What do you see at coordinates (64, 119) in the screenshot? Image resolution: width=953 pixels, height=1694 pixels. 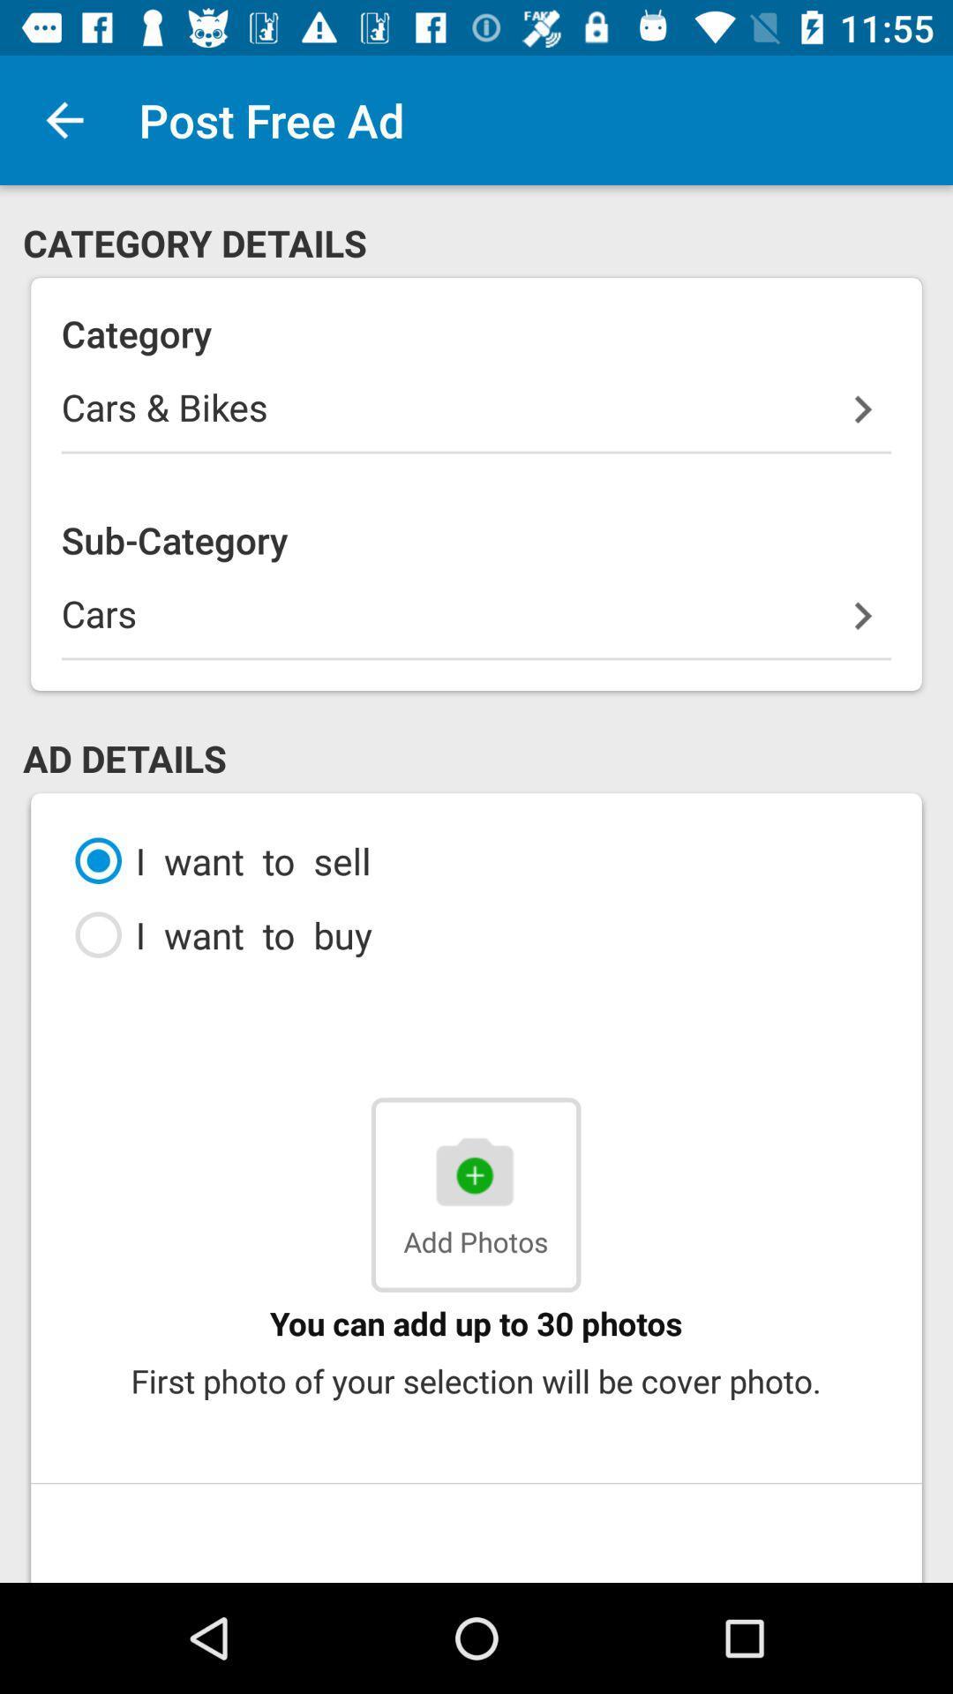 I see `item to the left of the post free ad` at bounding box center [64, 119].